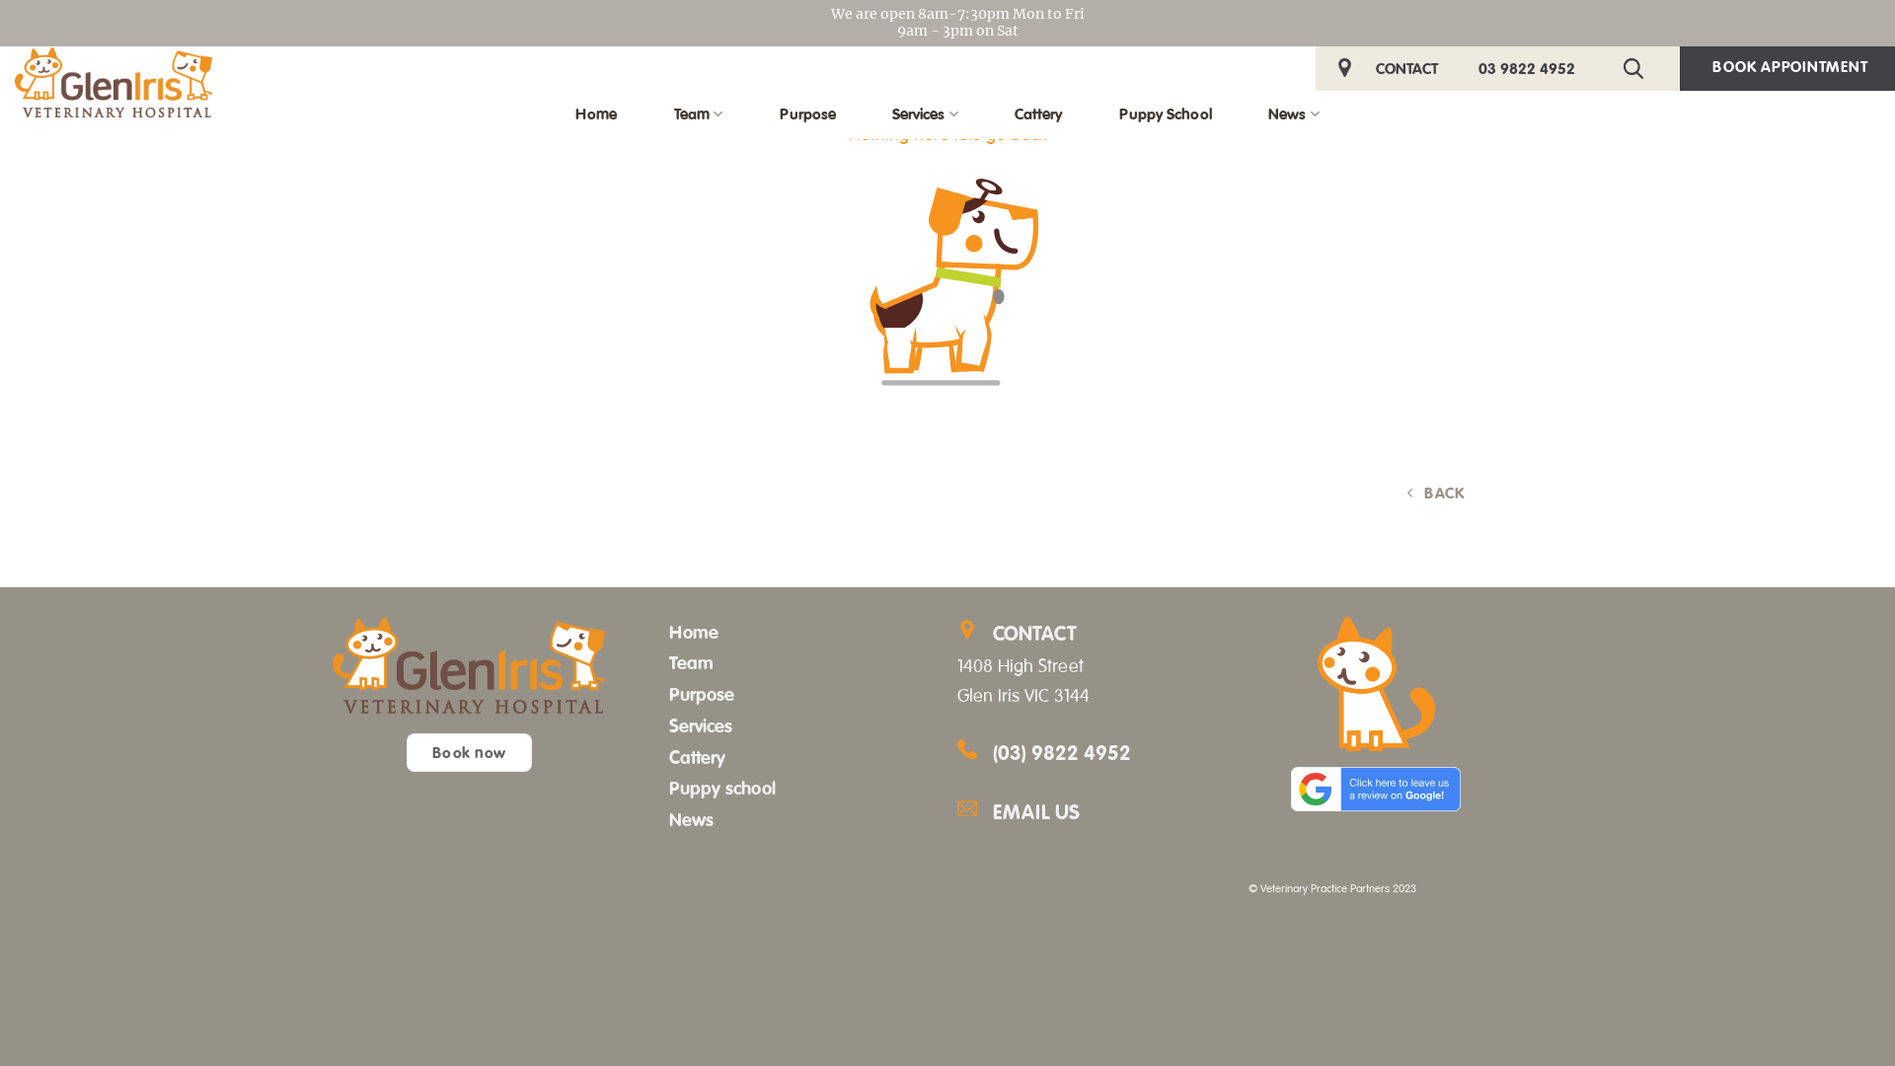 This screenshot has width=1895, height=1066. What do you see at coordinates (693, 632) in the screenshot?
I see `'Home'` at bounding box center [693, 632].